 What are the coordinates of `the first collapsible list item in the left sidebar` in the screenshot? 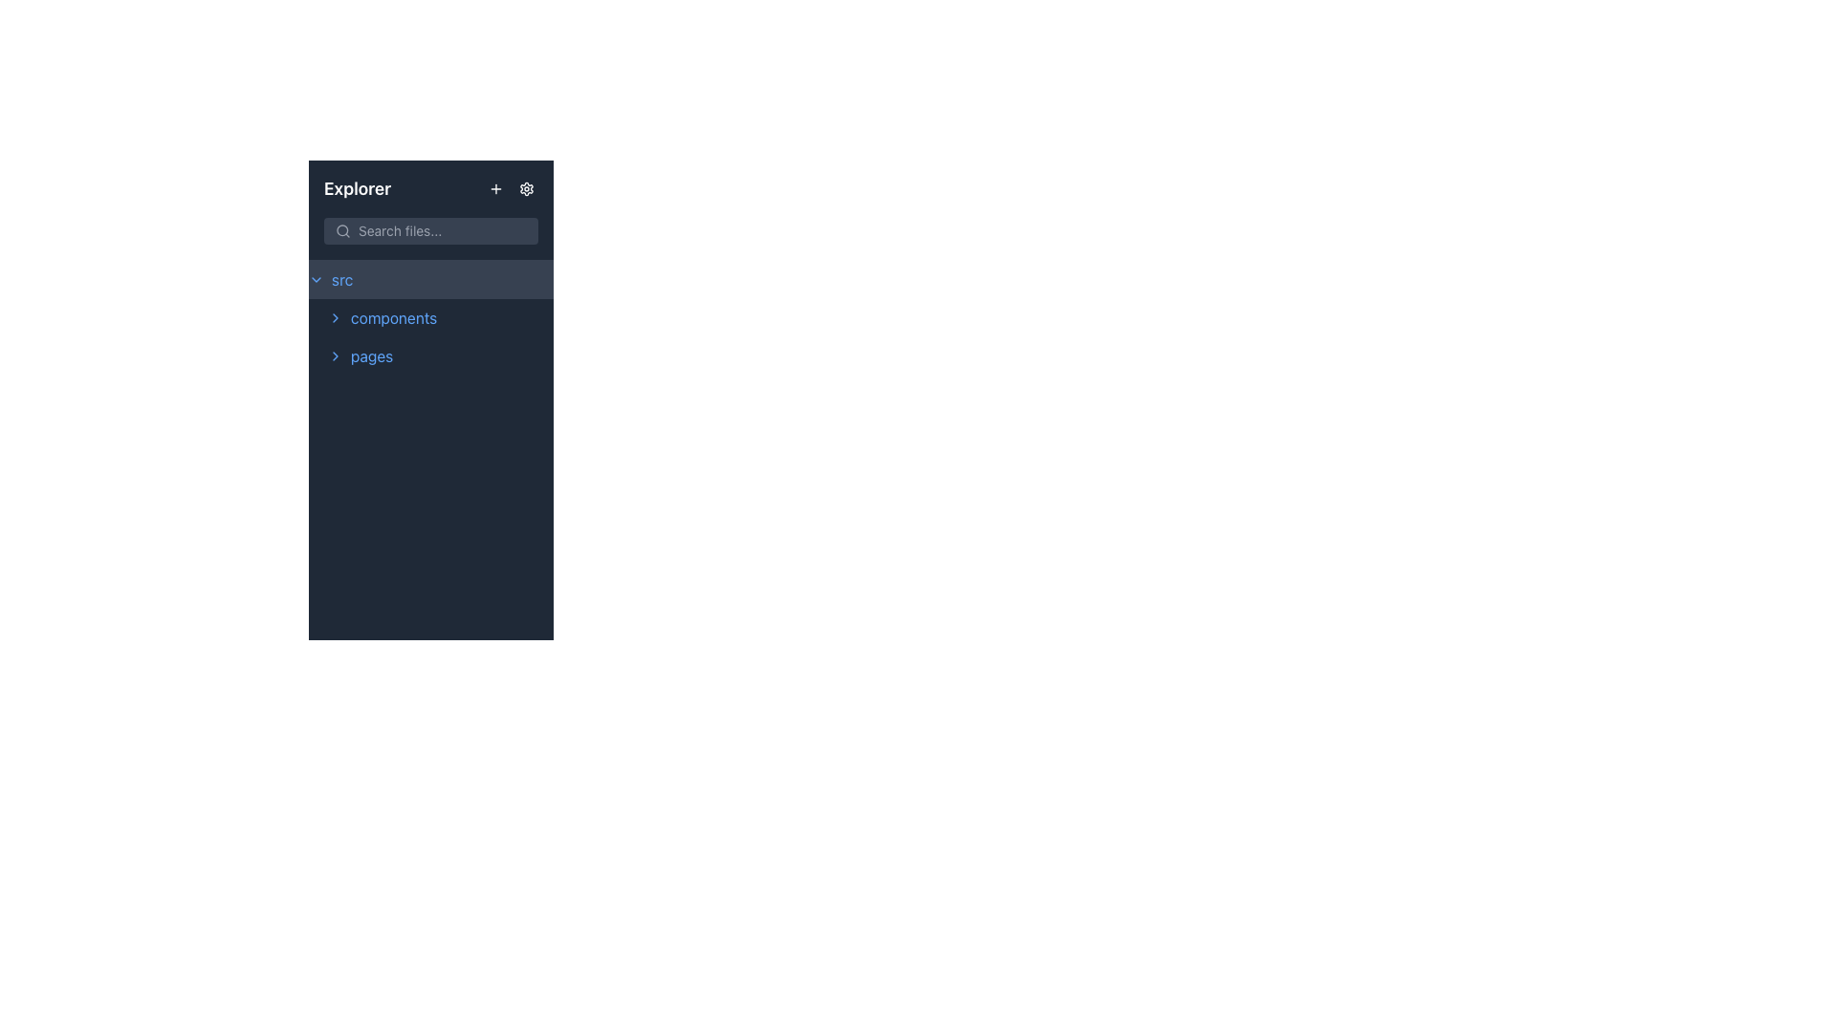 It's located at (430, 280).